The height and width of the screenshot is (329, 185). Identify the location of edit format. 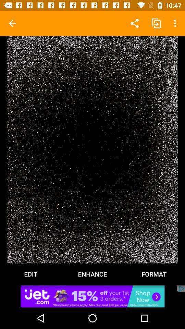
(92, 149).